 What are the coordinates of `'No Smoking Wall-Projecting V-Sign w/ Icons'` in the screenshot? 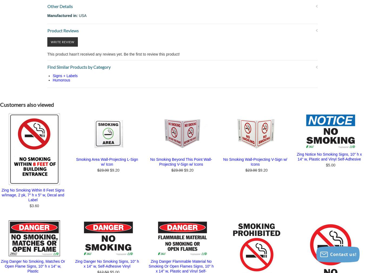 It's located at (223, 162).